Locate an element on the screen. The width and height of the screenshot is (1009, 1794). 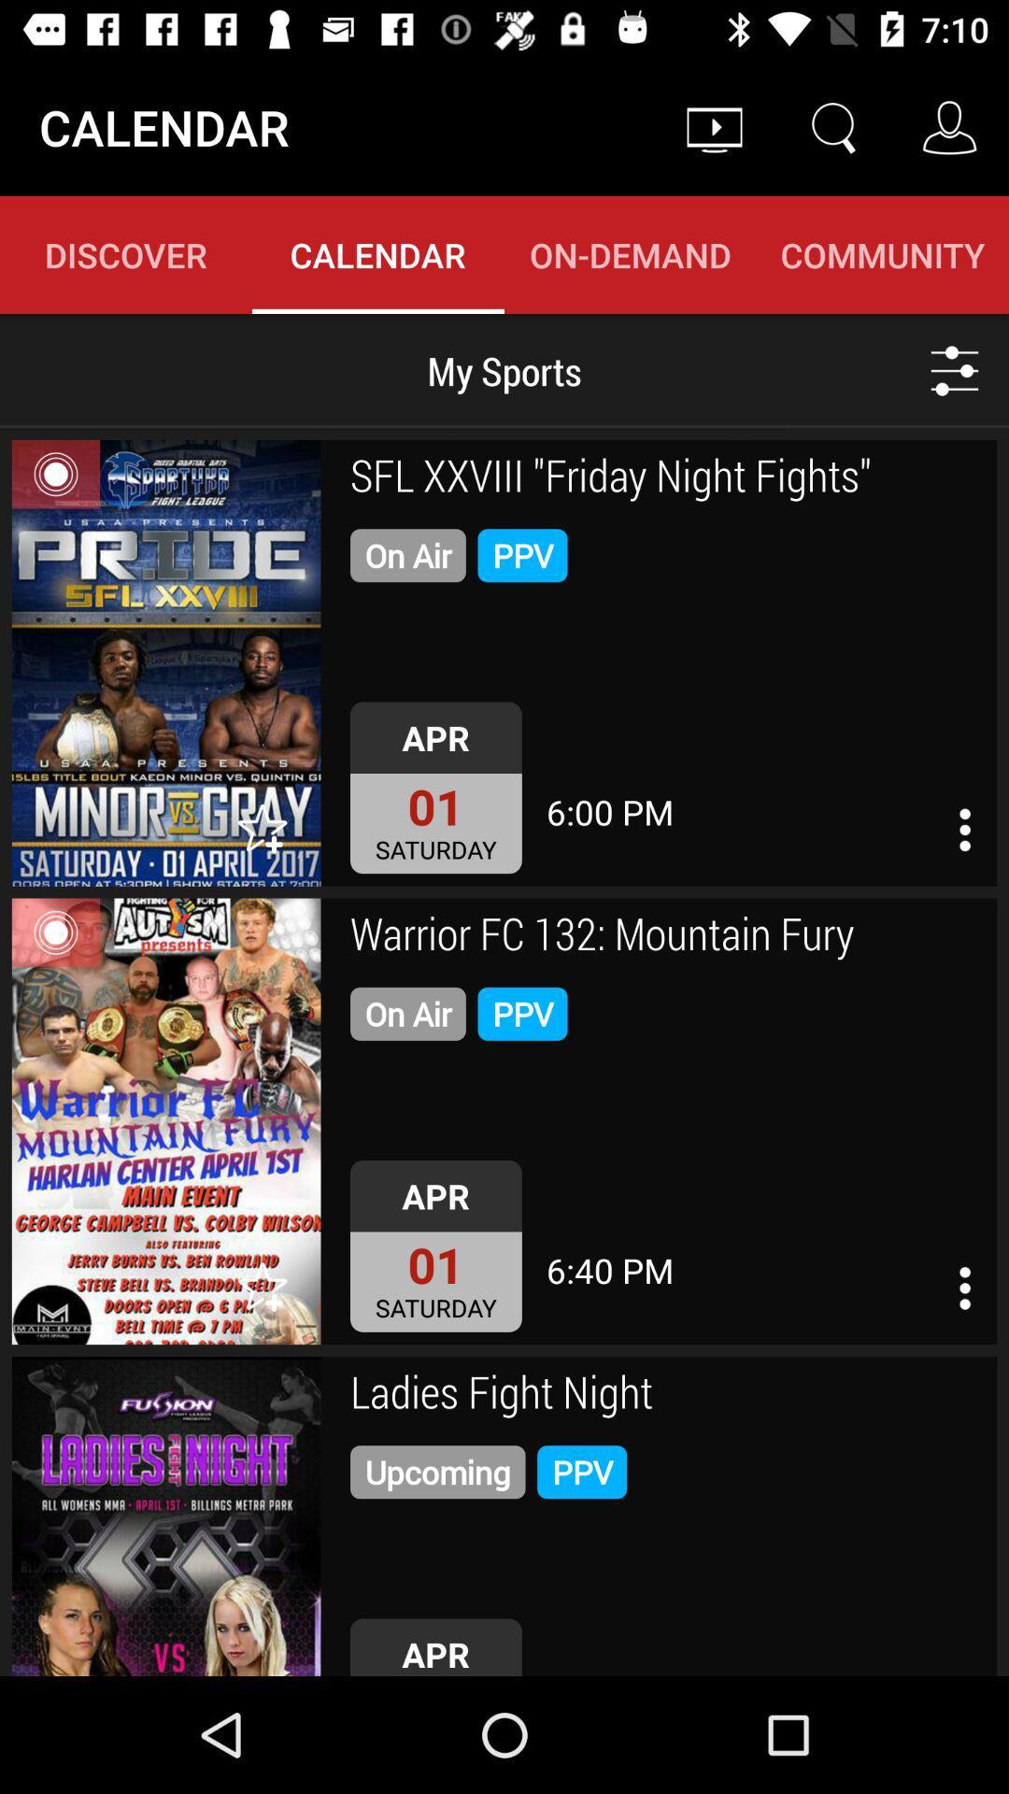
see details is located at coordinates (965, 829).